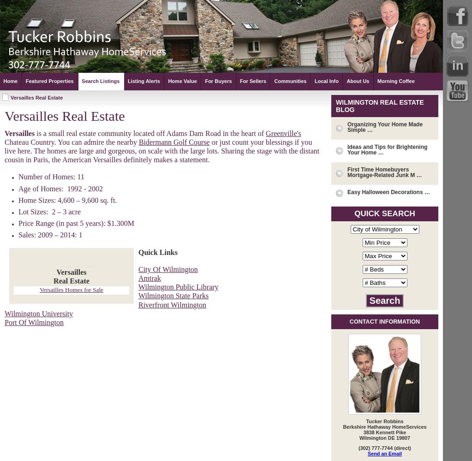  What do you see at coordinates (167, 268) in the screenshot?
I see `'City Of Wilmington'` at bounding box center [167, 268].